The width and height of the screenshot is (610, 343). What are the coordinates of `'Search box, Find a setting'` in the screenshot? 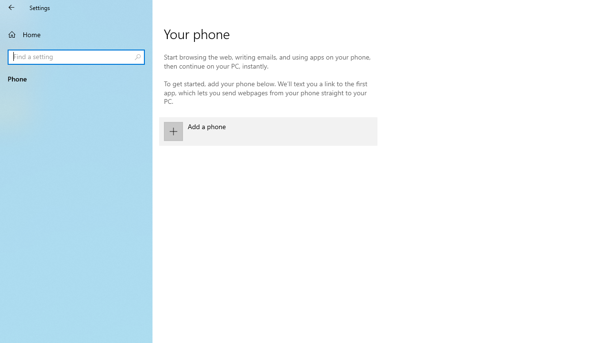 It's located at (76, 57).